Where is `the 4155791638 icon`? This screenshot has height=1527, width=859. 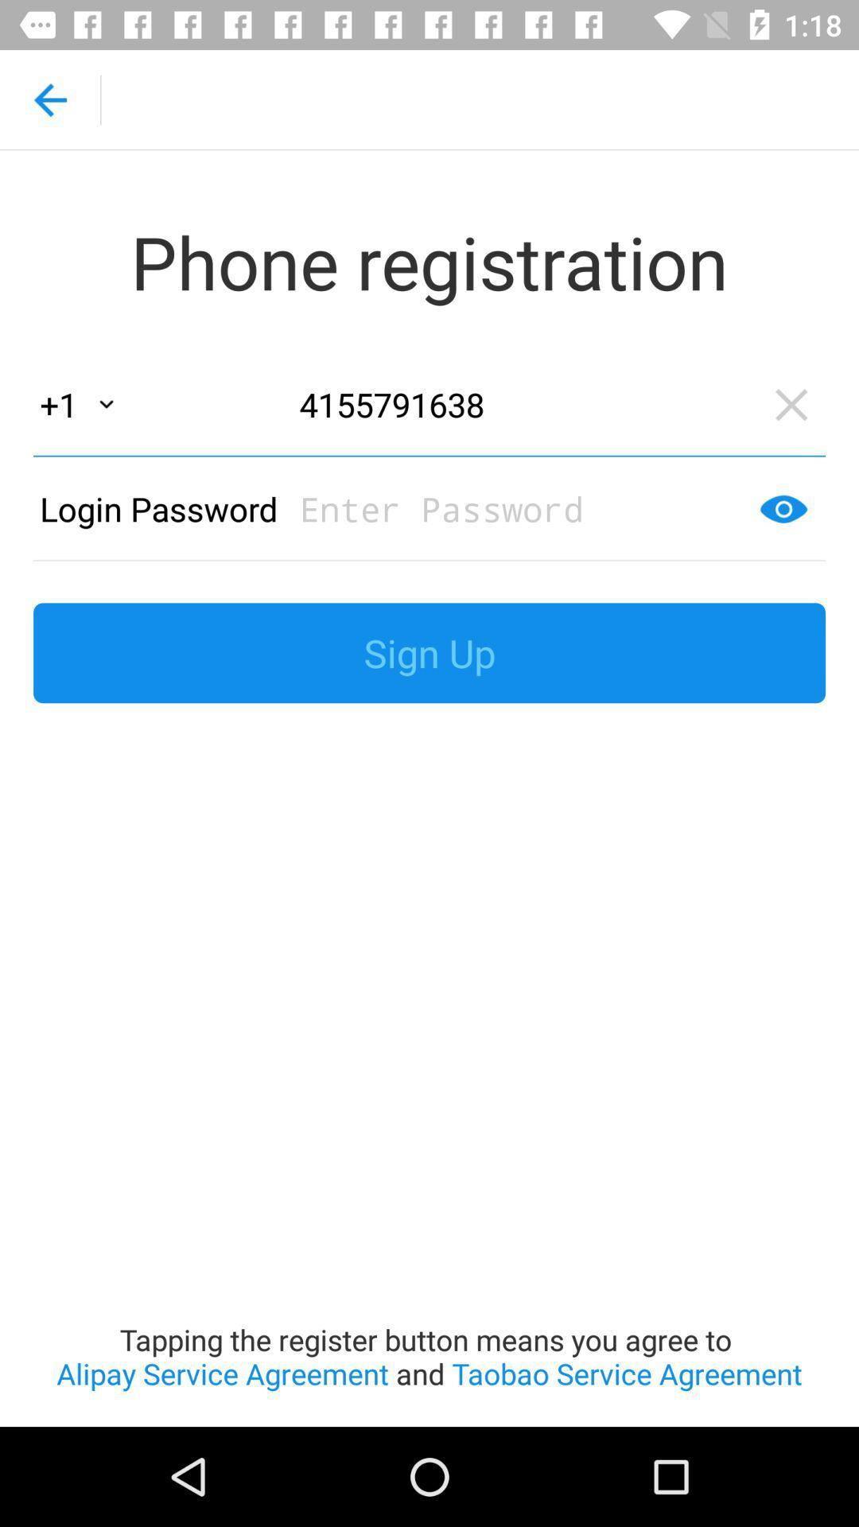 the 4155791638 icon is located at coordinates (521, 404).